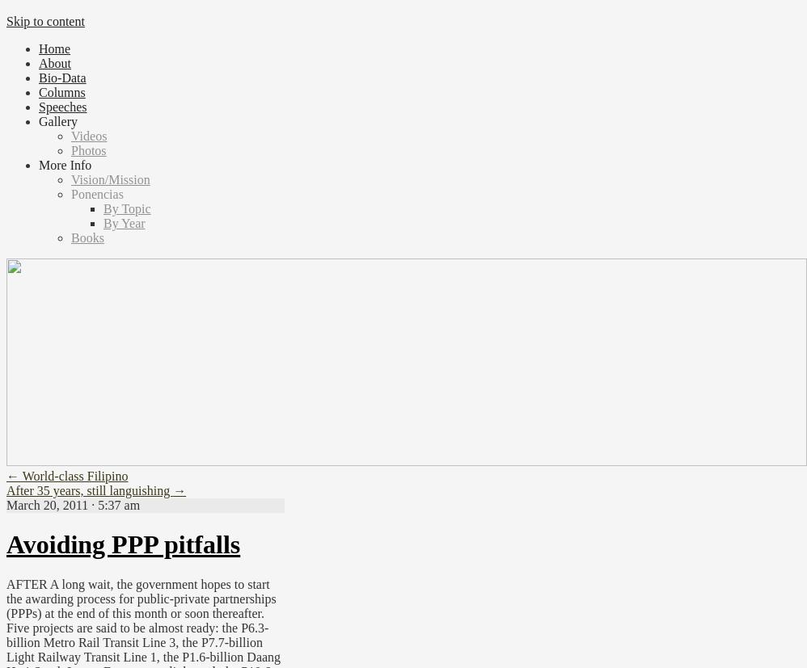 The image size is (807, 668). I want to click on 'Speeches', so click(61, 107).